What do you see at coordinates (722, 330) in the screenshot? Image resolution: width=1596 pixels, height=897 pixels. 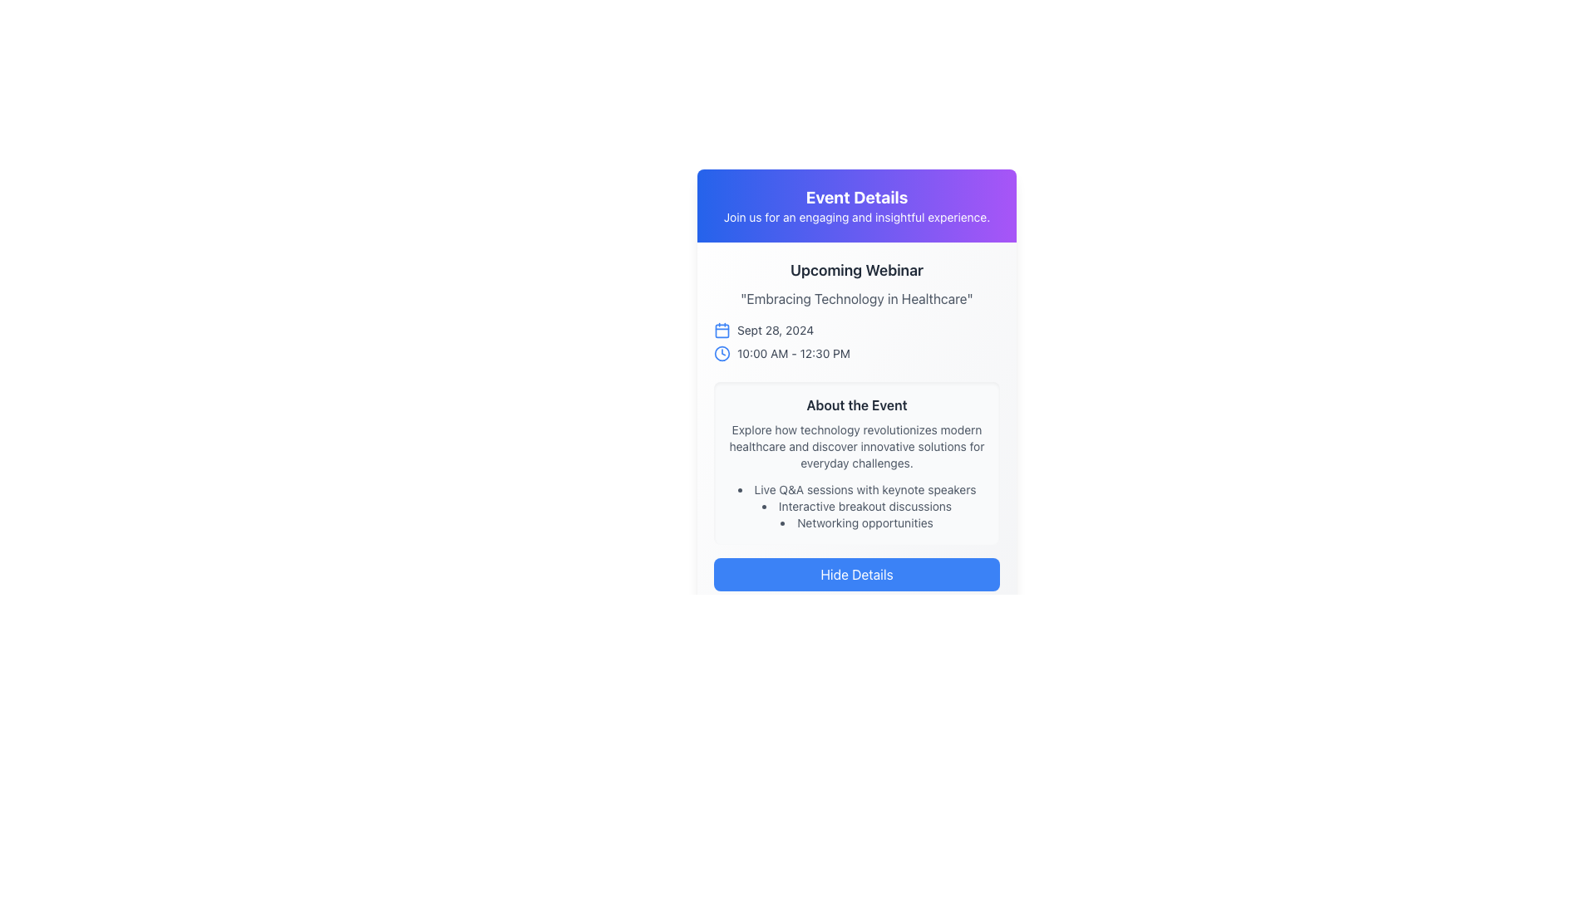 I see `the calendar icon next to the date 'Sept 28, 2024'` at bounding box center [722, 330].